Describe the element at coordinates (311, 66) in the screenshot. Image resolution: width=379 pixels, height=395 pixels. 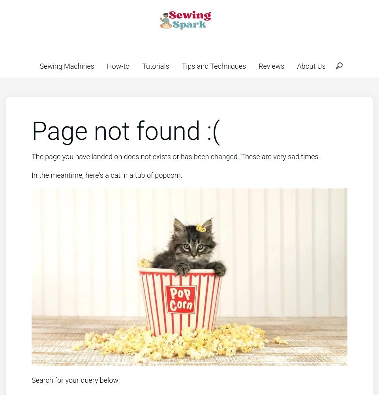
I see `'About Us'` at that location.